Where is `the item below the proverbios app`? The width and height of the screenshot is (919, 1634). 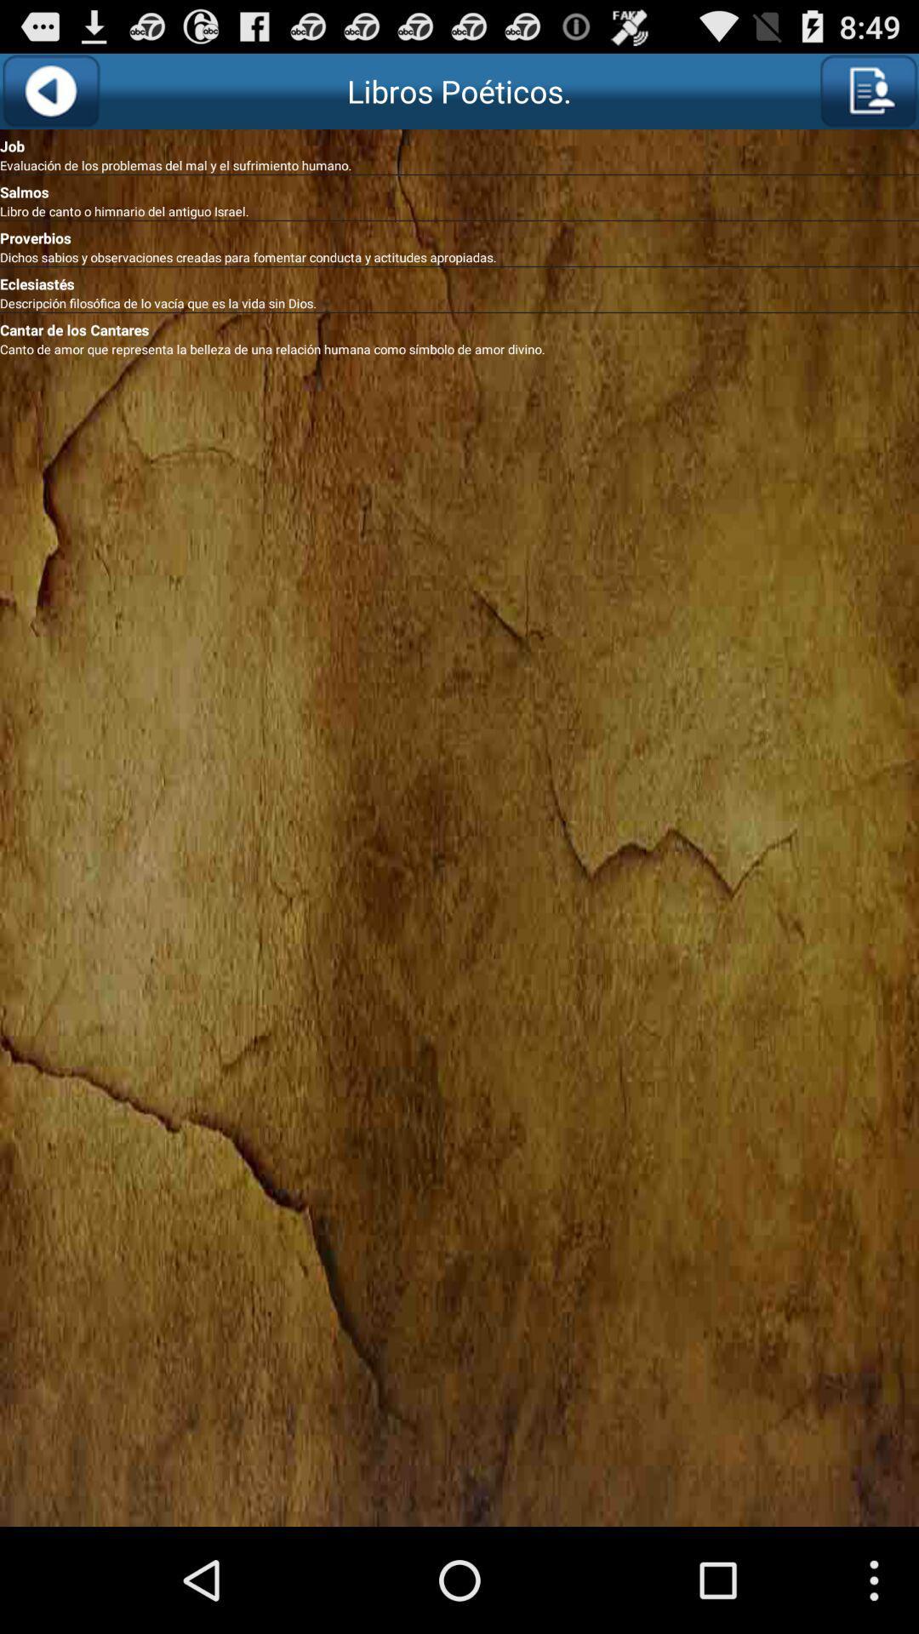
the item below the proverbios app is located at coordinates (459, 256).